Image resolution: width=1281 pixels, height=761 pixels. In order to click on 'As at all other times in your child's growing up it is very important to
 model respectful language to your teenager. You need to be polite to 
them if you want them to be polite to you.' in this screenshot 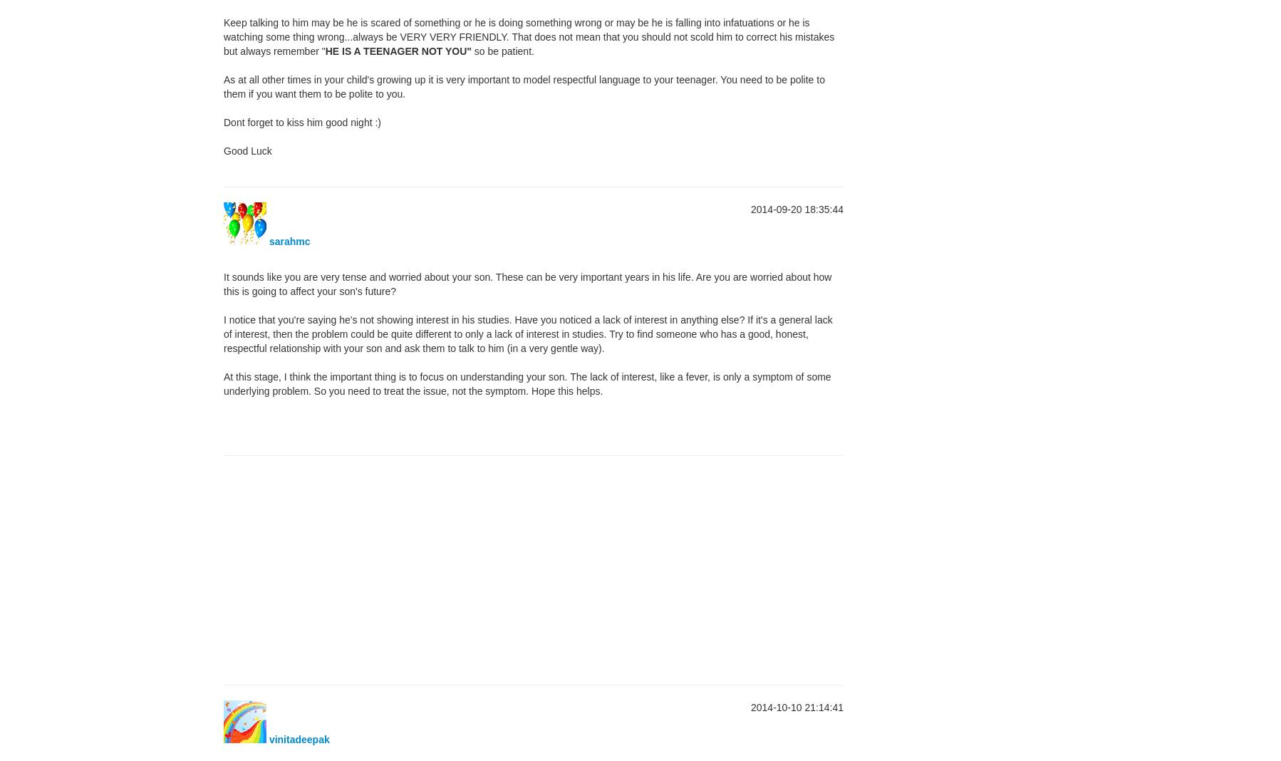, I will do `click(523, 86)`.